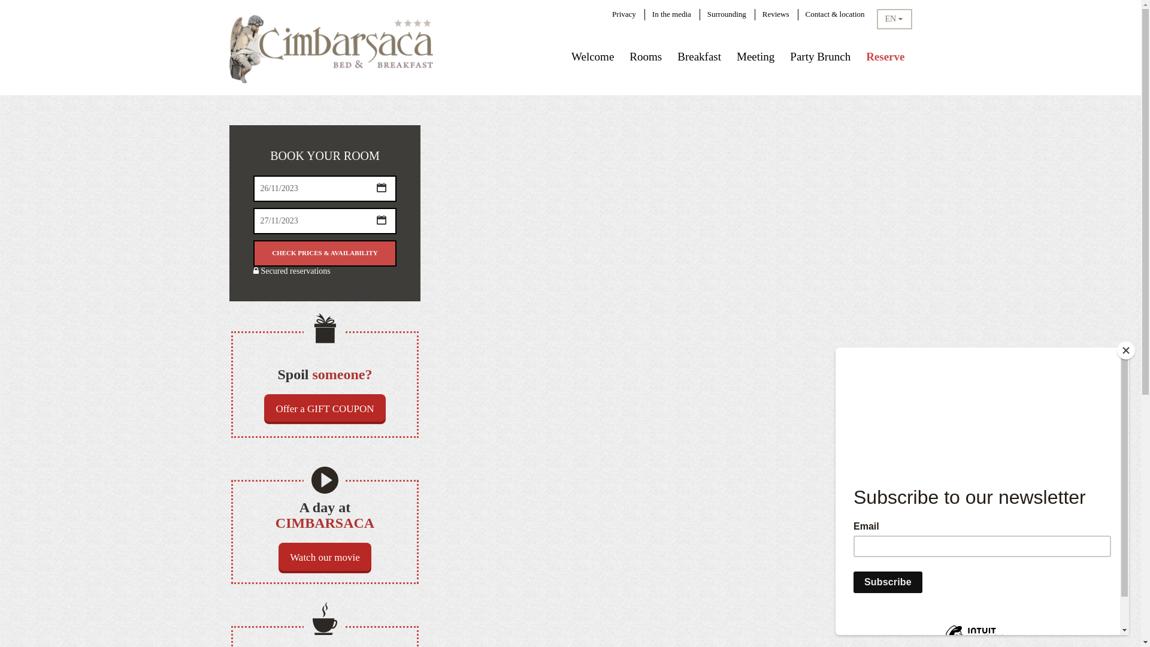 This screenshot has width=1150, height=647. I want to click on 'Reviews', so click(776, 14).